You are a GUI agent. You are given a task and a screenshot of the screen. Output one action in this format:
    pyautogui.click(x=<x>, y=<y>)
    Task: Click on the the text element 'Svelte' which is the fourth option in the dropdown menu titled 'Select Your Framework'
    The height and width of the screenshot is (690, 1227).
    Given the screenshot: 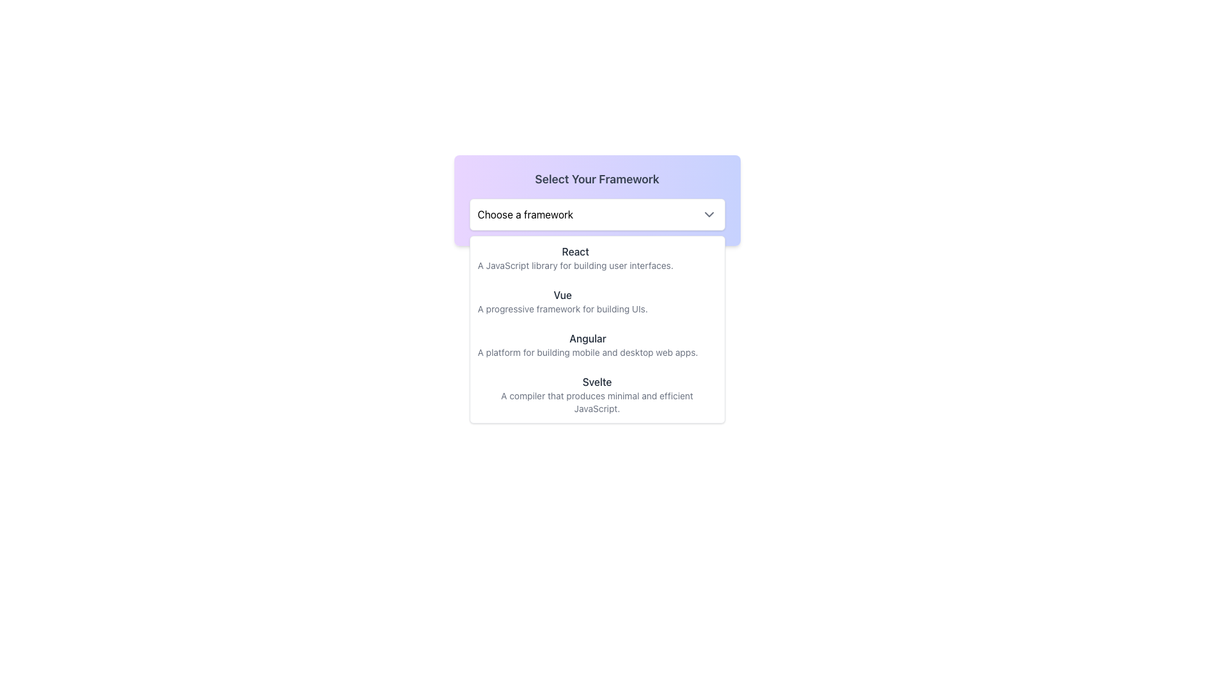 What is the action you would take?
    pyautogui.click(x=596, y=381)
    